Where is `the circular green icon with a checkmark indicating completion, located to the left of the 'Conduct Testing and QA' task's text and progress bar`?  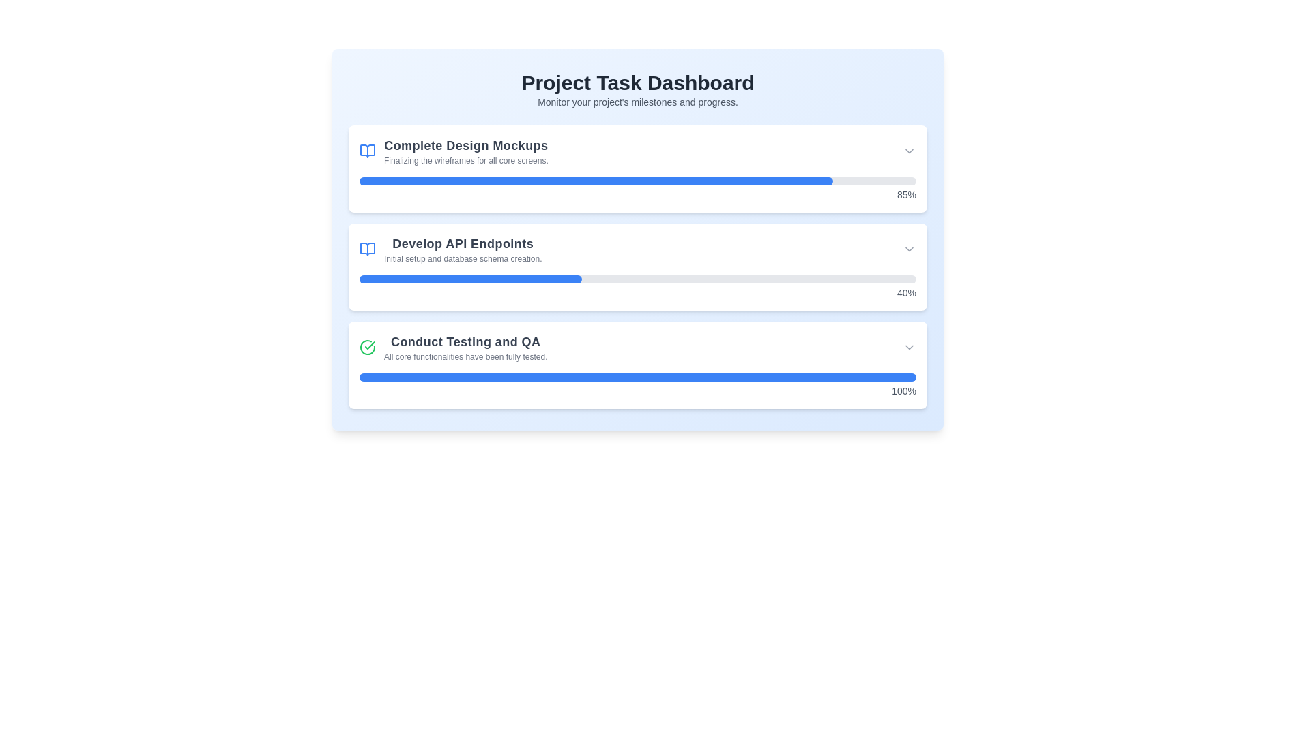
the circular green icon with a checkmark indicating completion, located to the left of the 'Conduct Testing and QA' task's text and progress bar is located at coordinates (367, 346).